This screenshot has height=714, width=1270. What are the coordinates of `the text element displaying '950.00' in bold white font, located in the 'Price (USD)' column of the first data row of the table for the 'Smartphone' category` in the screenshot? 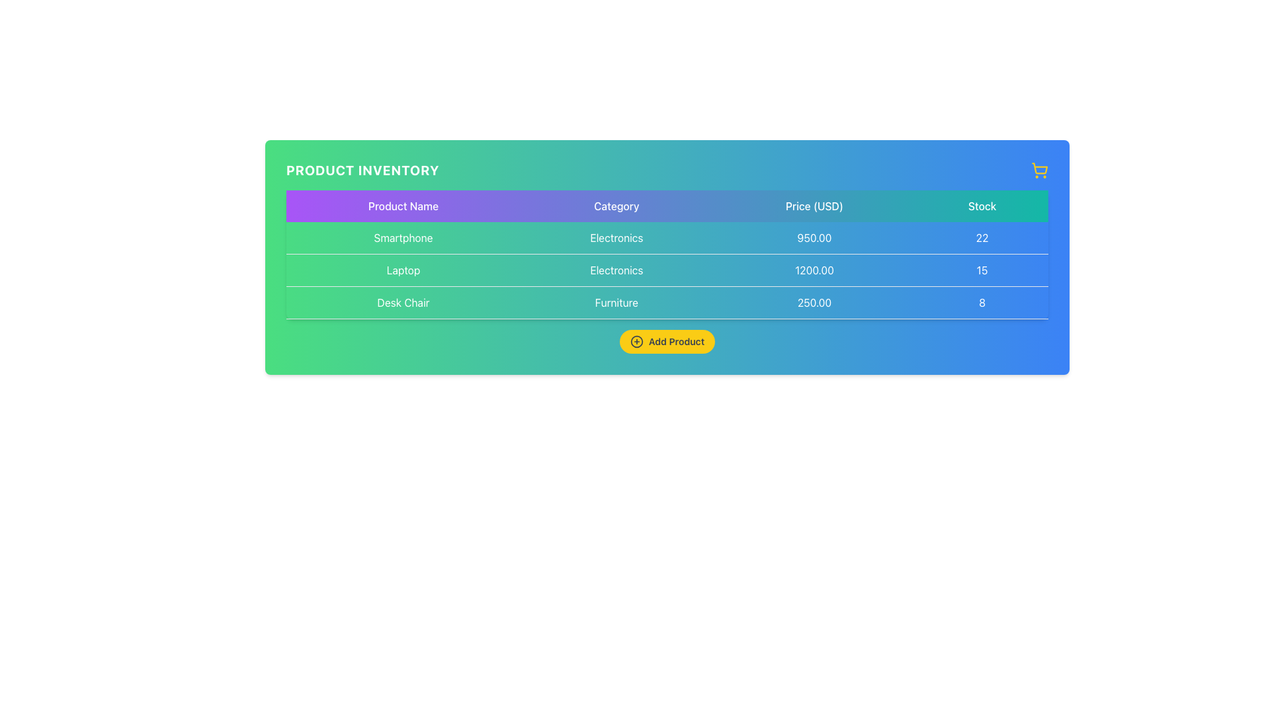 It's located at (814, 238).